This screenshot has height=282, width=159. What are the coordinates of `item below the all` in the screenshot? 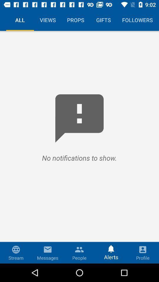 It's located at (79, 147).